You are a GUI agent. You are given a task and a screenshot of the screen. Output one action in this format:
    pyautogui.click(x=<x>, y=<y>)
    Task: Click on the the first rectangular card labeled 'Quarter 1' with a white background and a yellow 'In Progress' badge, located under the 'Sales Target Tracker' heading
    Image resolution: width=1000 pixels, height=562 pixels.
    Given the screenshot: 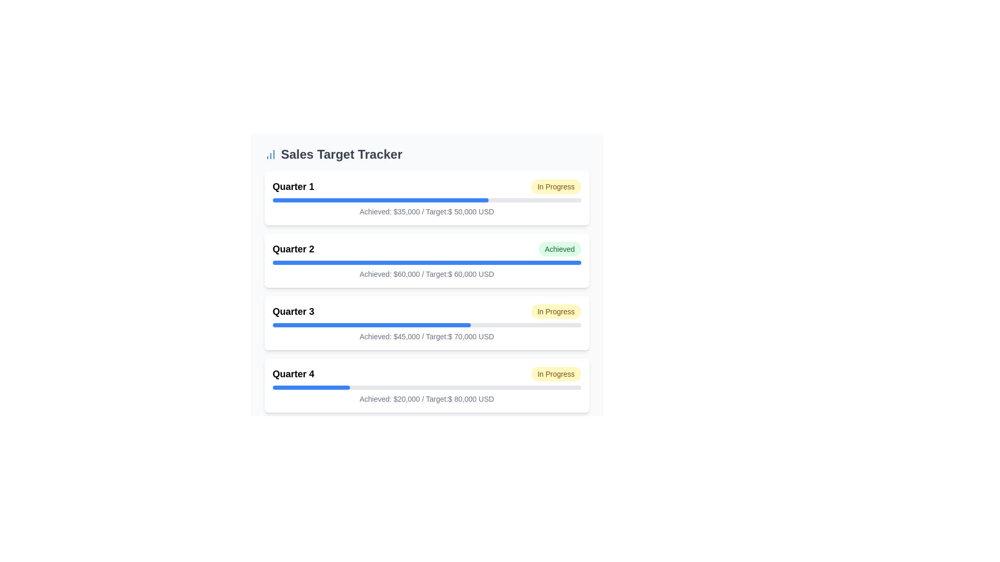 What is the action you would take?
    pyautogui.click(x=427, y=198)
    